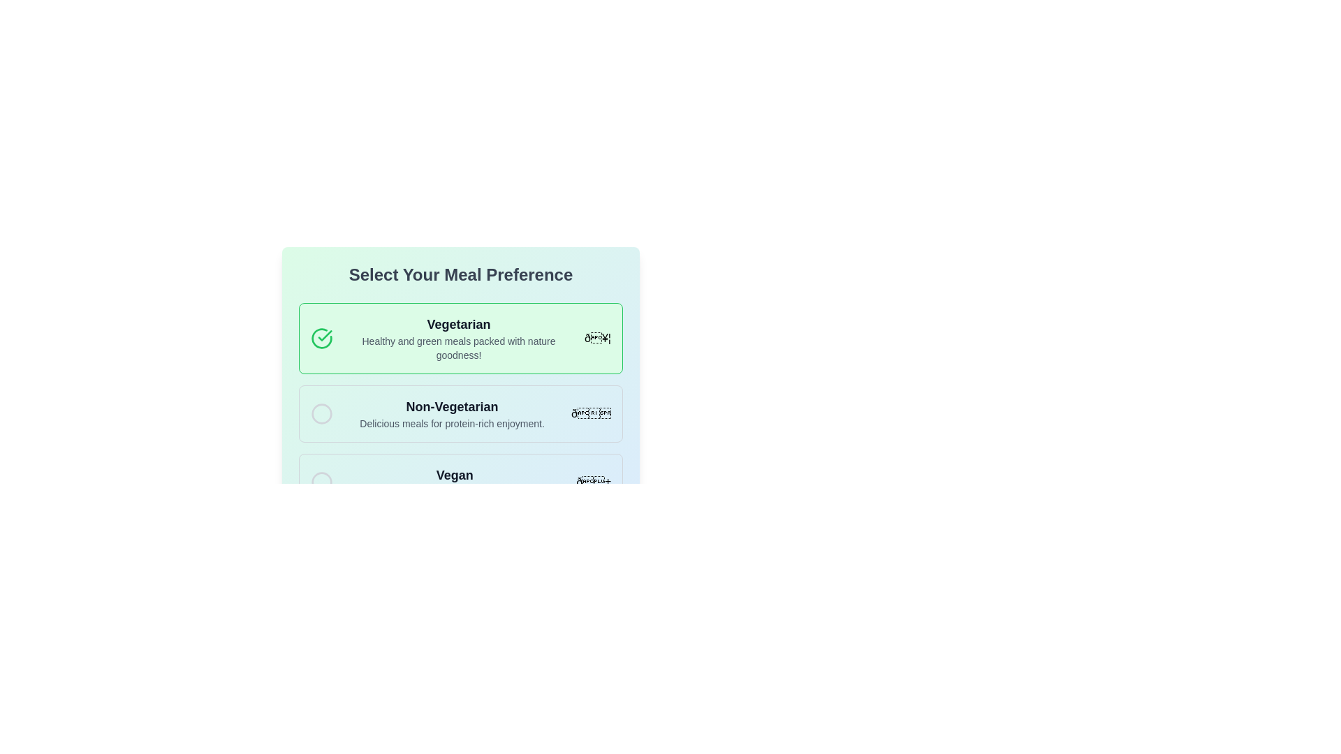 Image resolution: width=1341 pixels, height=754 pixels. What do you see at coordinates (597, 337) in the screenshot?
I see `the small icon representing the 'Vegetarian' meal choice located on the far-right side of the top card labeled 'Vegetarian' in the list of meal preferences` at bounding box center [597, 337].